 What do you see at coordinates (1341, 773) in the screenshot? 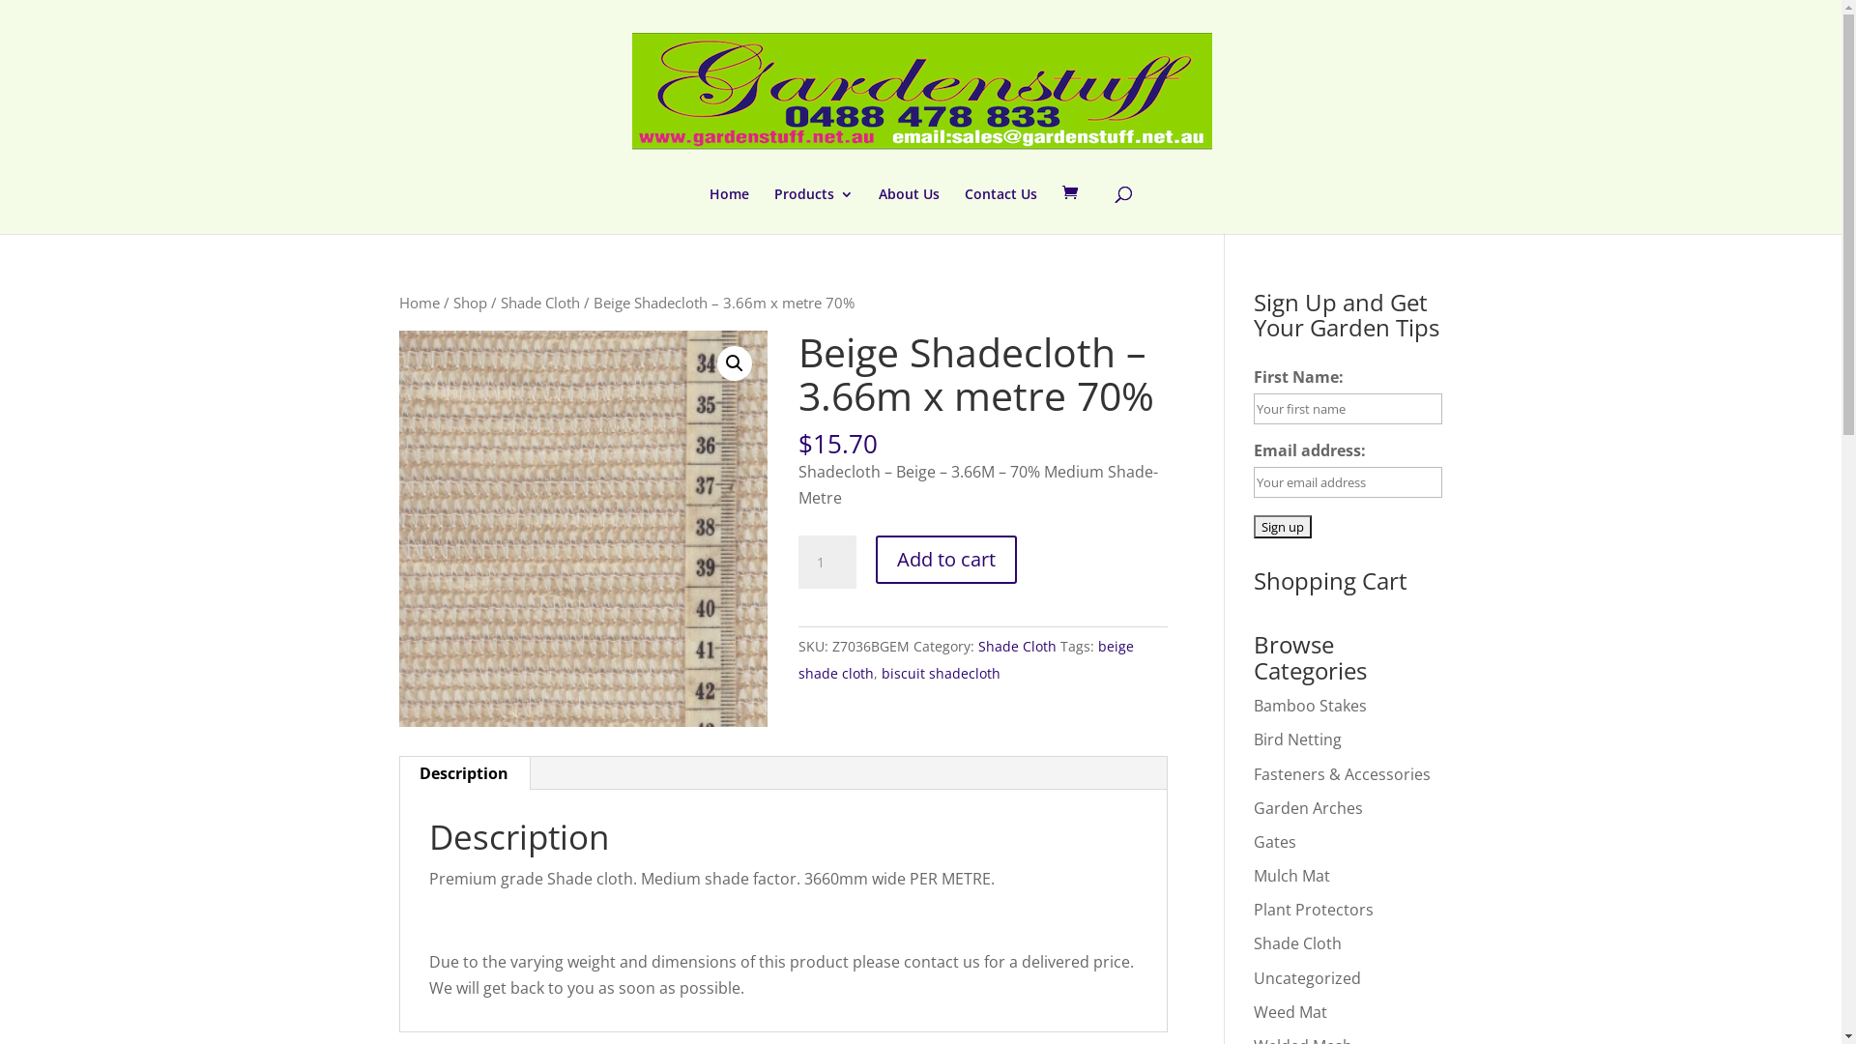
I see `'Fasteners & Accessories'` at bounding box center [1341, 773].